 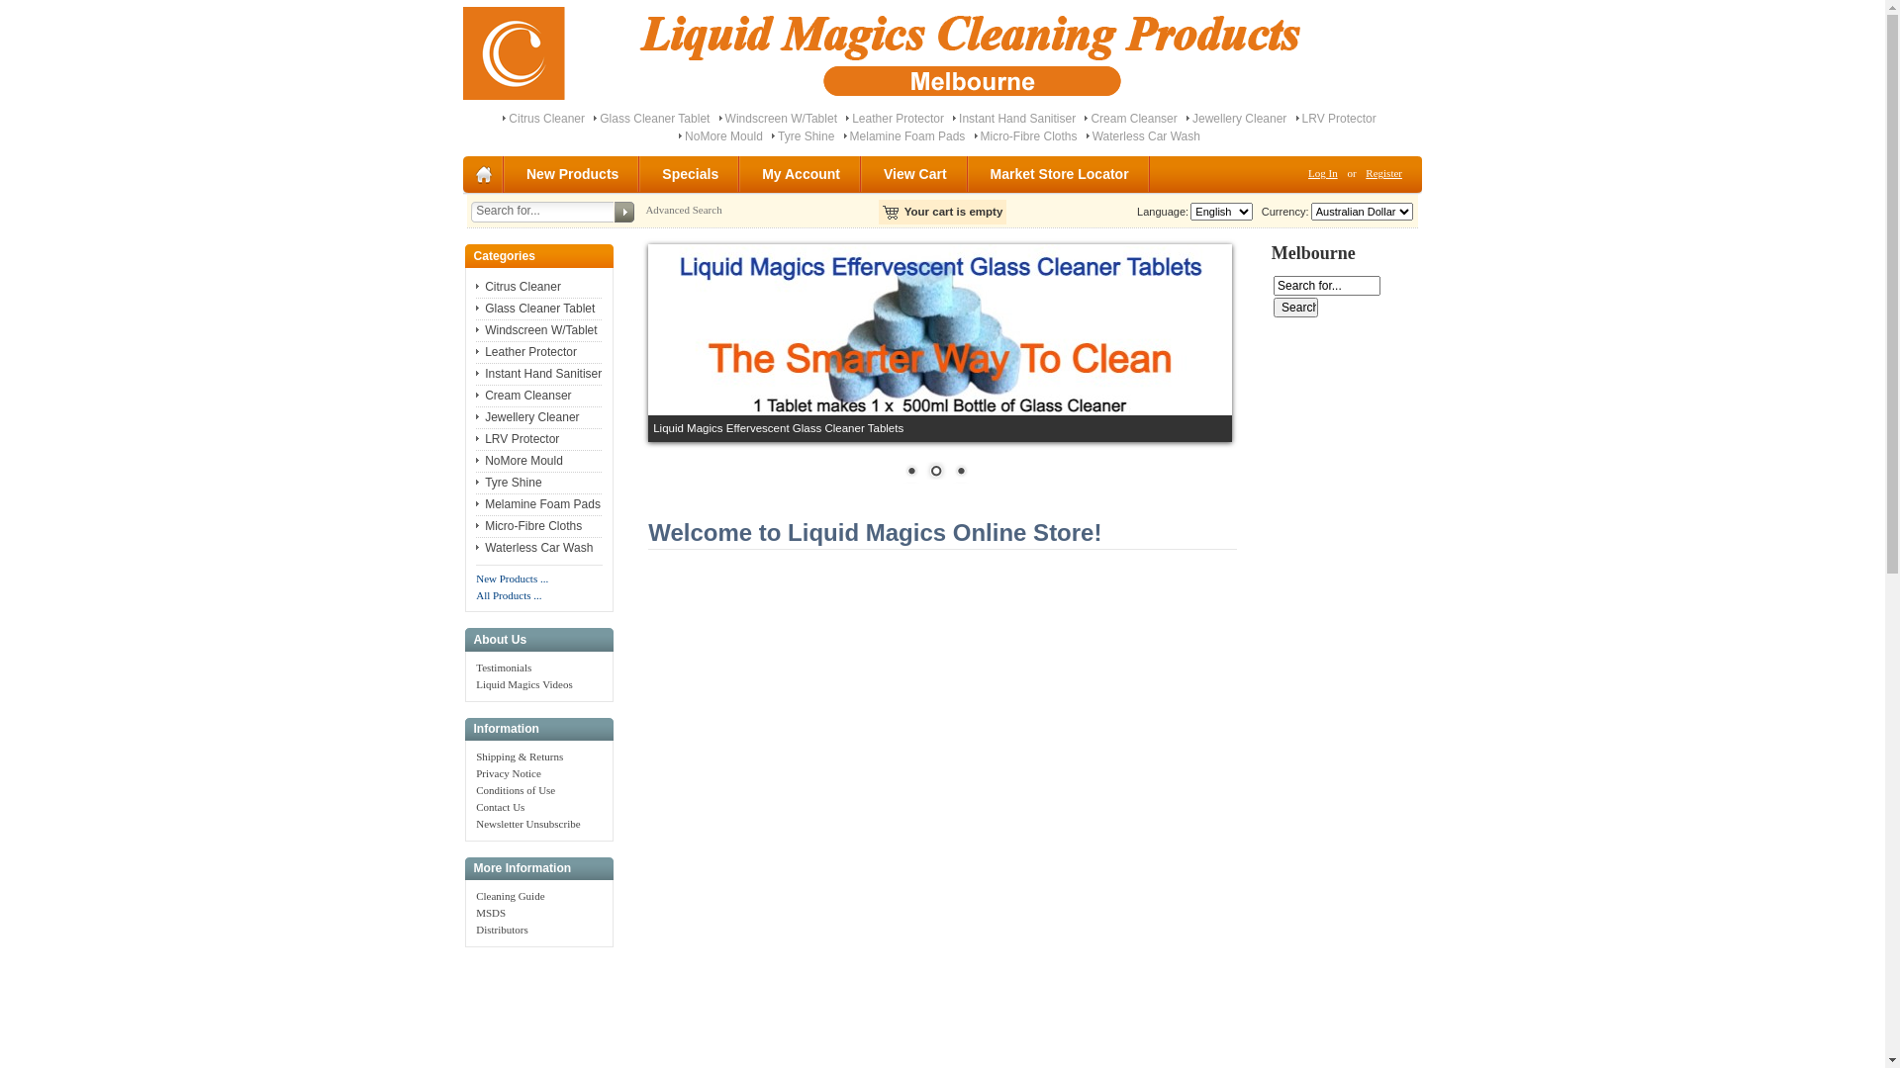 I want to click on 'Instant Hand Sanitiser', so click(x=538, y=374).